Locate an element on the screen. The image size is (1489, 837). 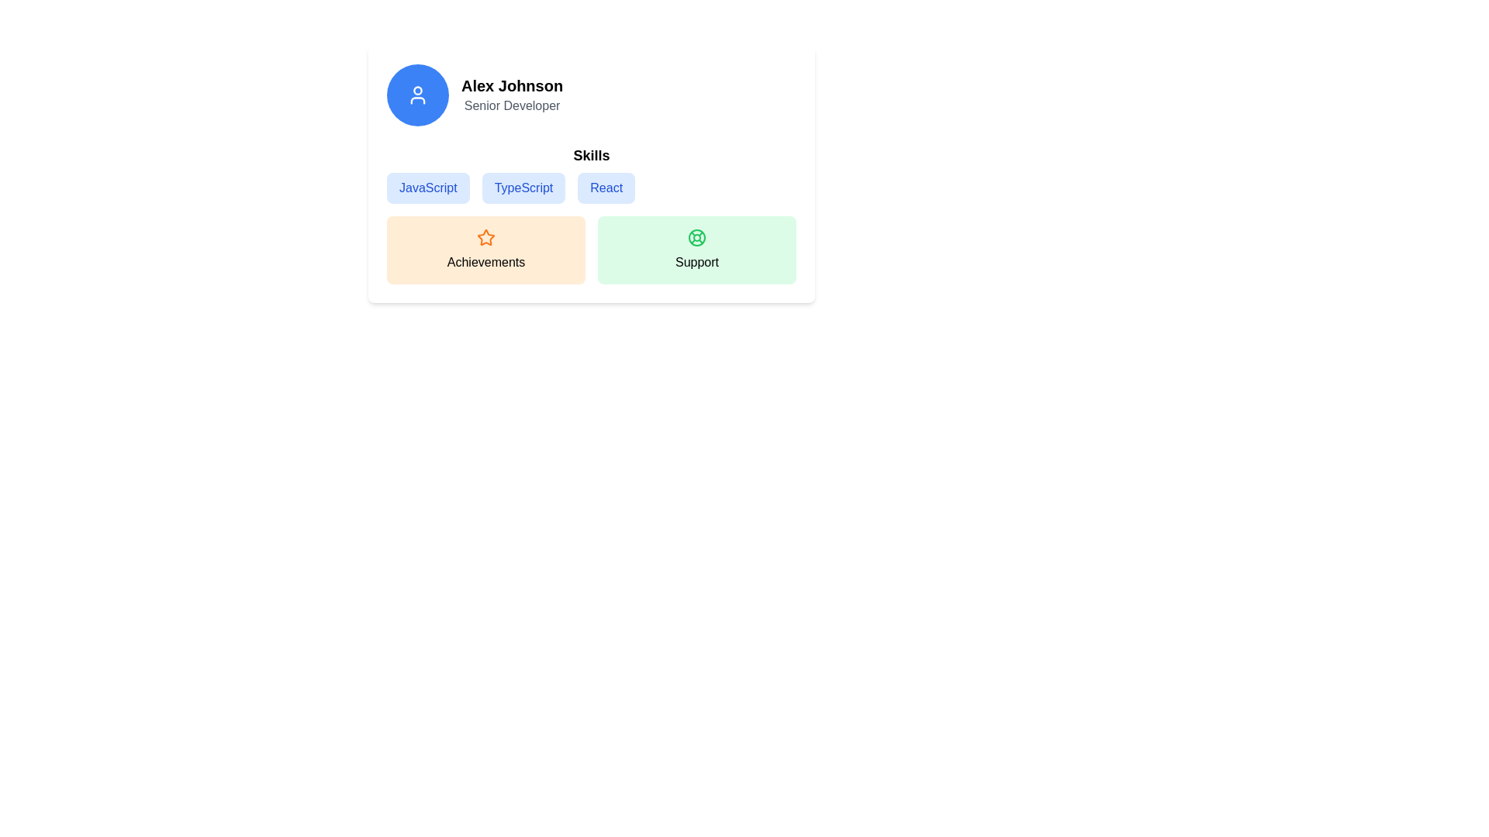
the star icon outlined in orange with an empty fill, located in the 'Achievements' section with a light orange background is located at coordinates (485, 237).